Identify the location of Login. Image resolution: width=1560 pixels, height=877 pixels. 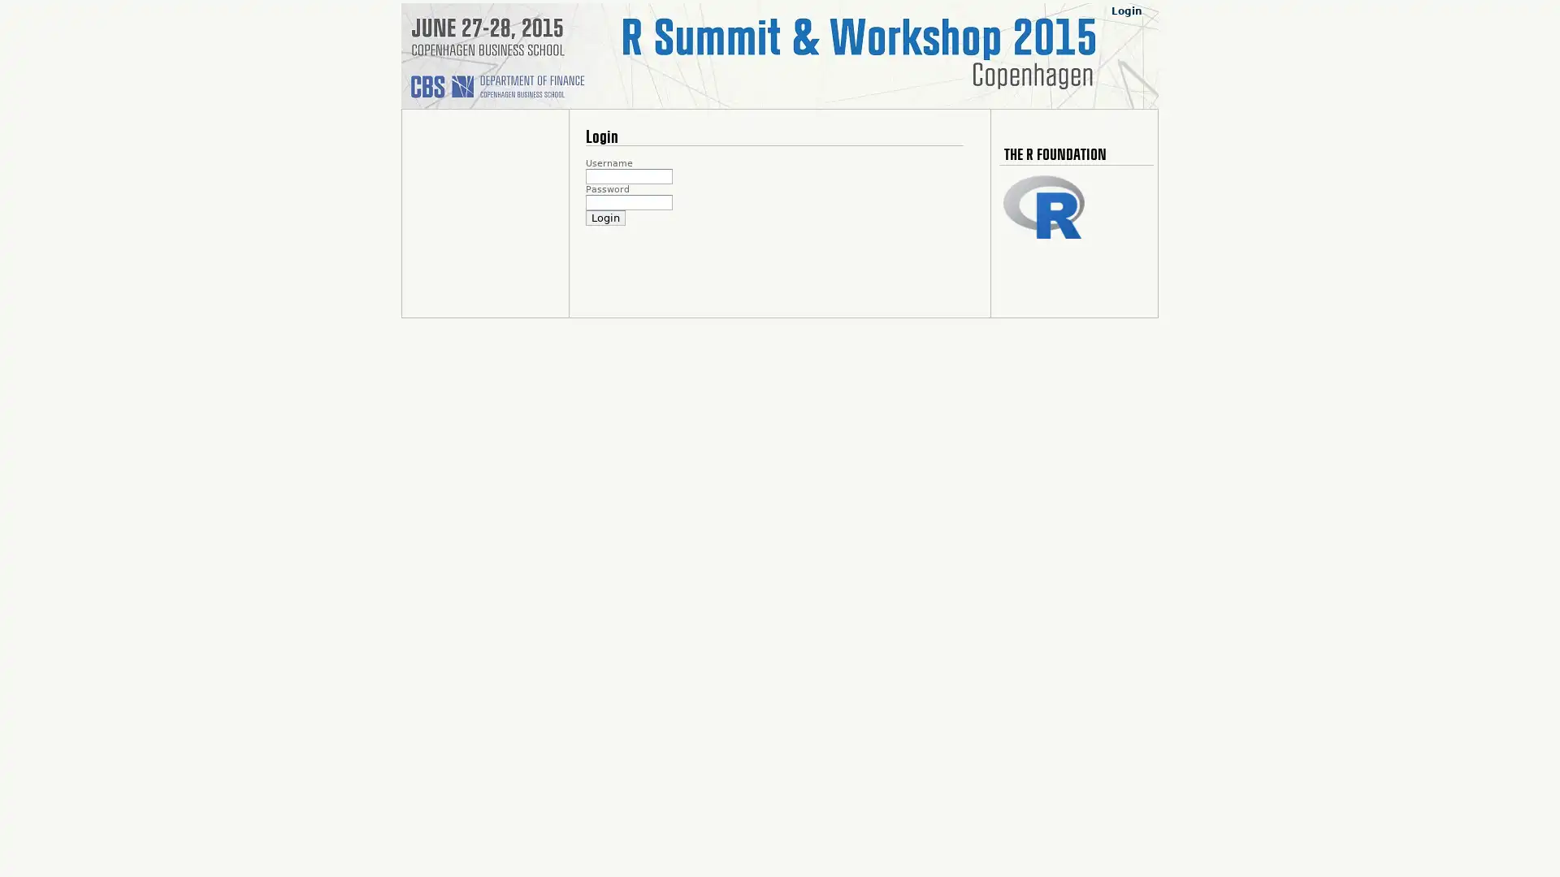
(604, 217).